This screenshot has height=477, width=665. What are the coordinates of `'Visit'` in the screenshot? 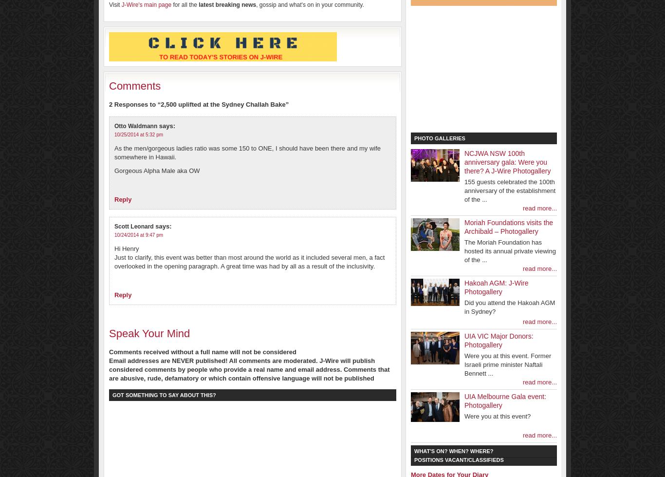 It's located at (115, 4).